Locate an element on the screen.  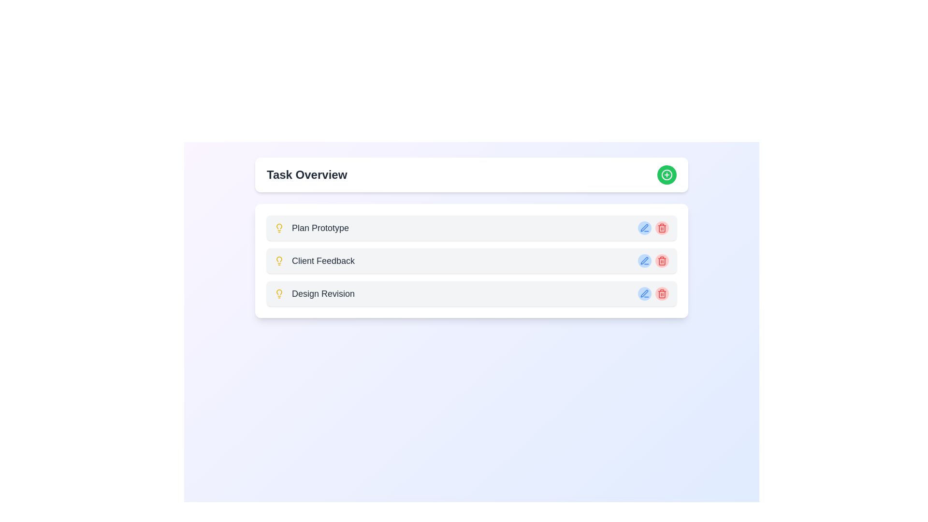
the label text that identifies the first task item in the 'Task Overview' list, which is aligned to the left and has an icon to its immediate left is located at coordinates (320, 228).